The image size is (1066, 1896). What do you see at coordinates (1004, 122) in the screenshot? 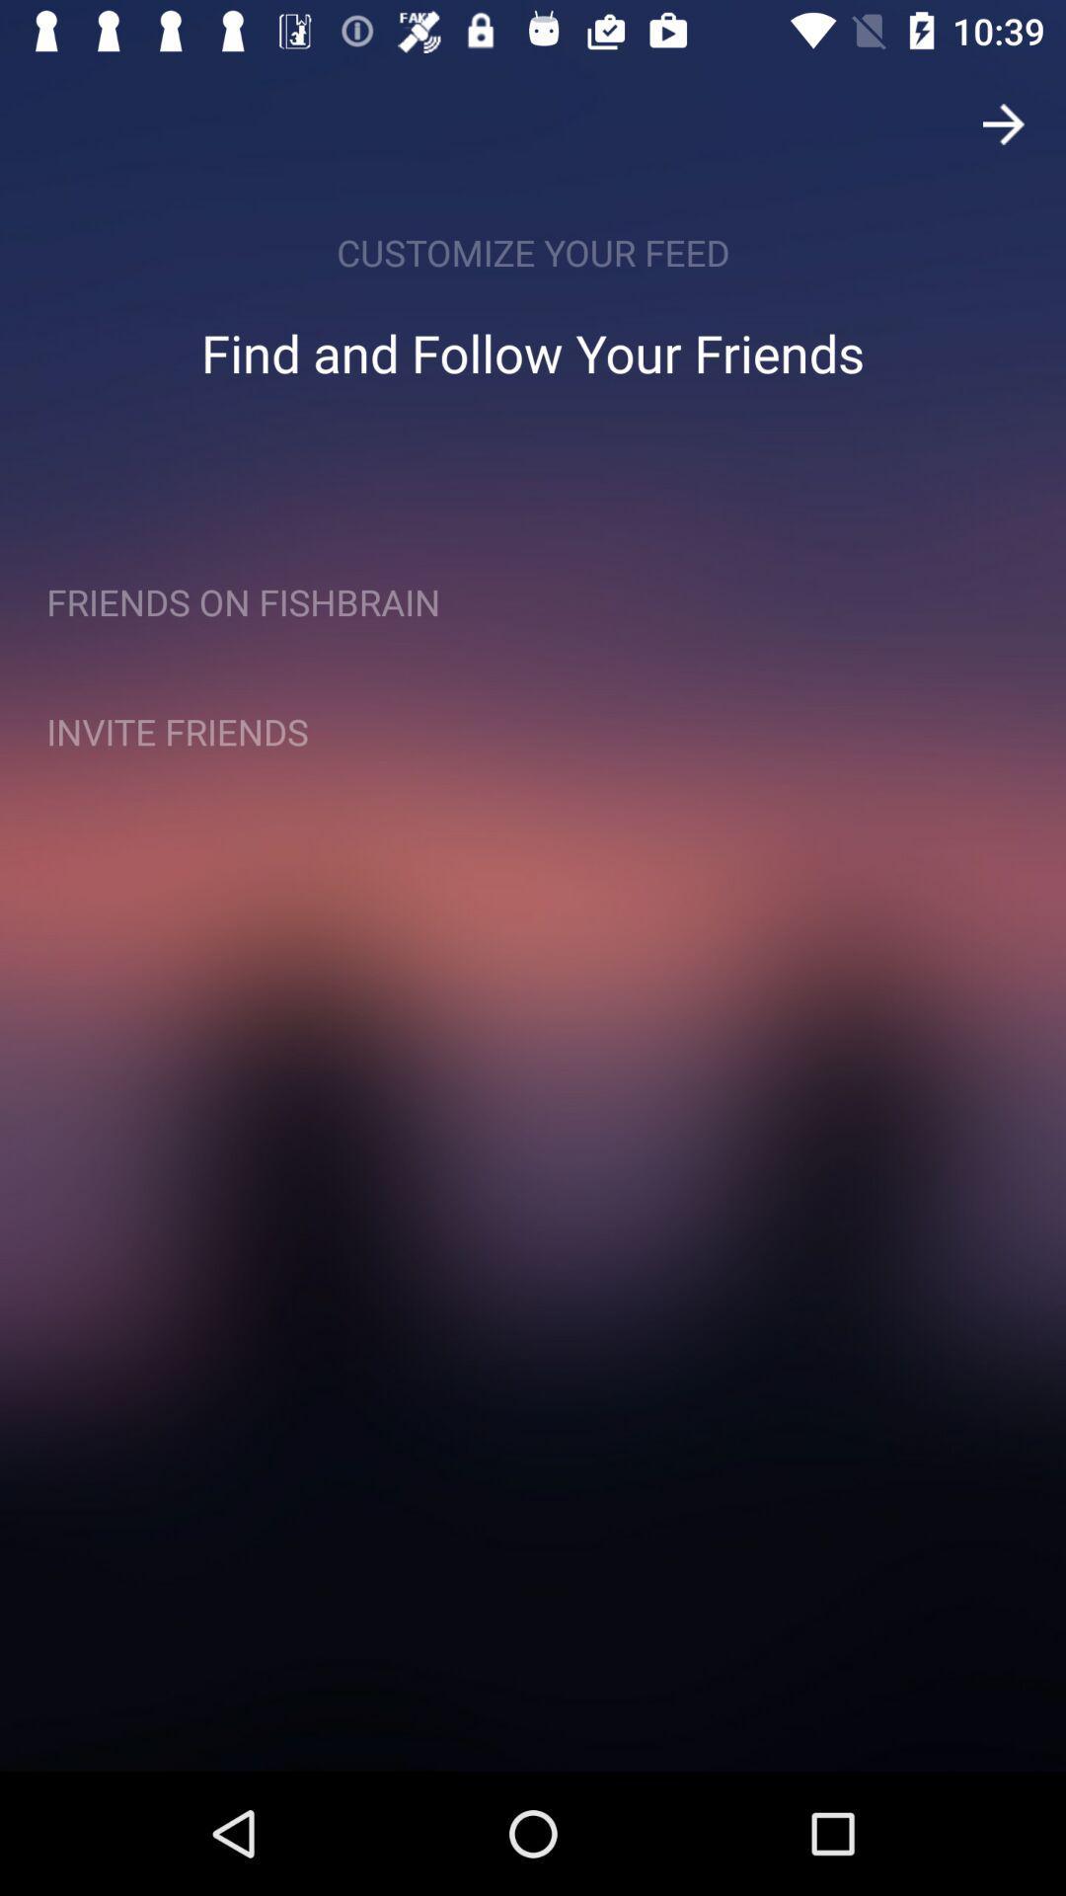
I see `go forward` at bounding box center [1004, 122].